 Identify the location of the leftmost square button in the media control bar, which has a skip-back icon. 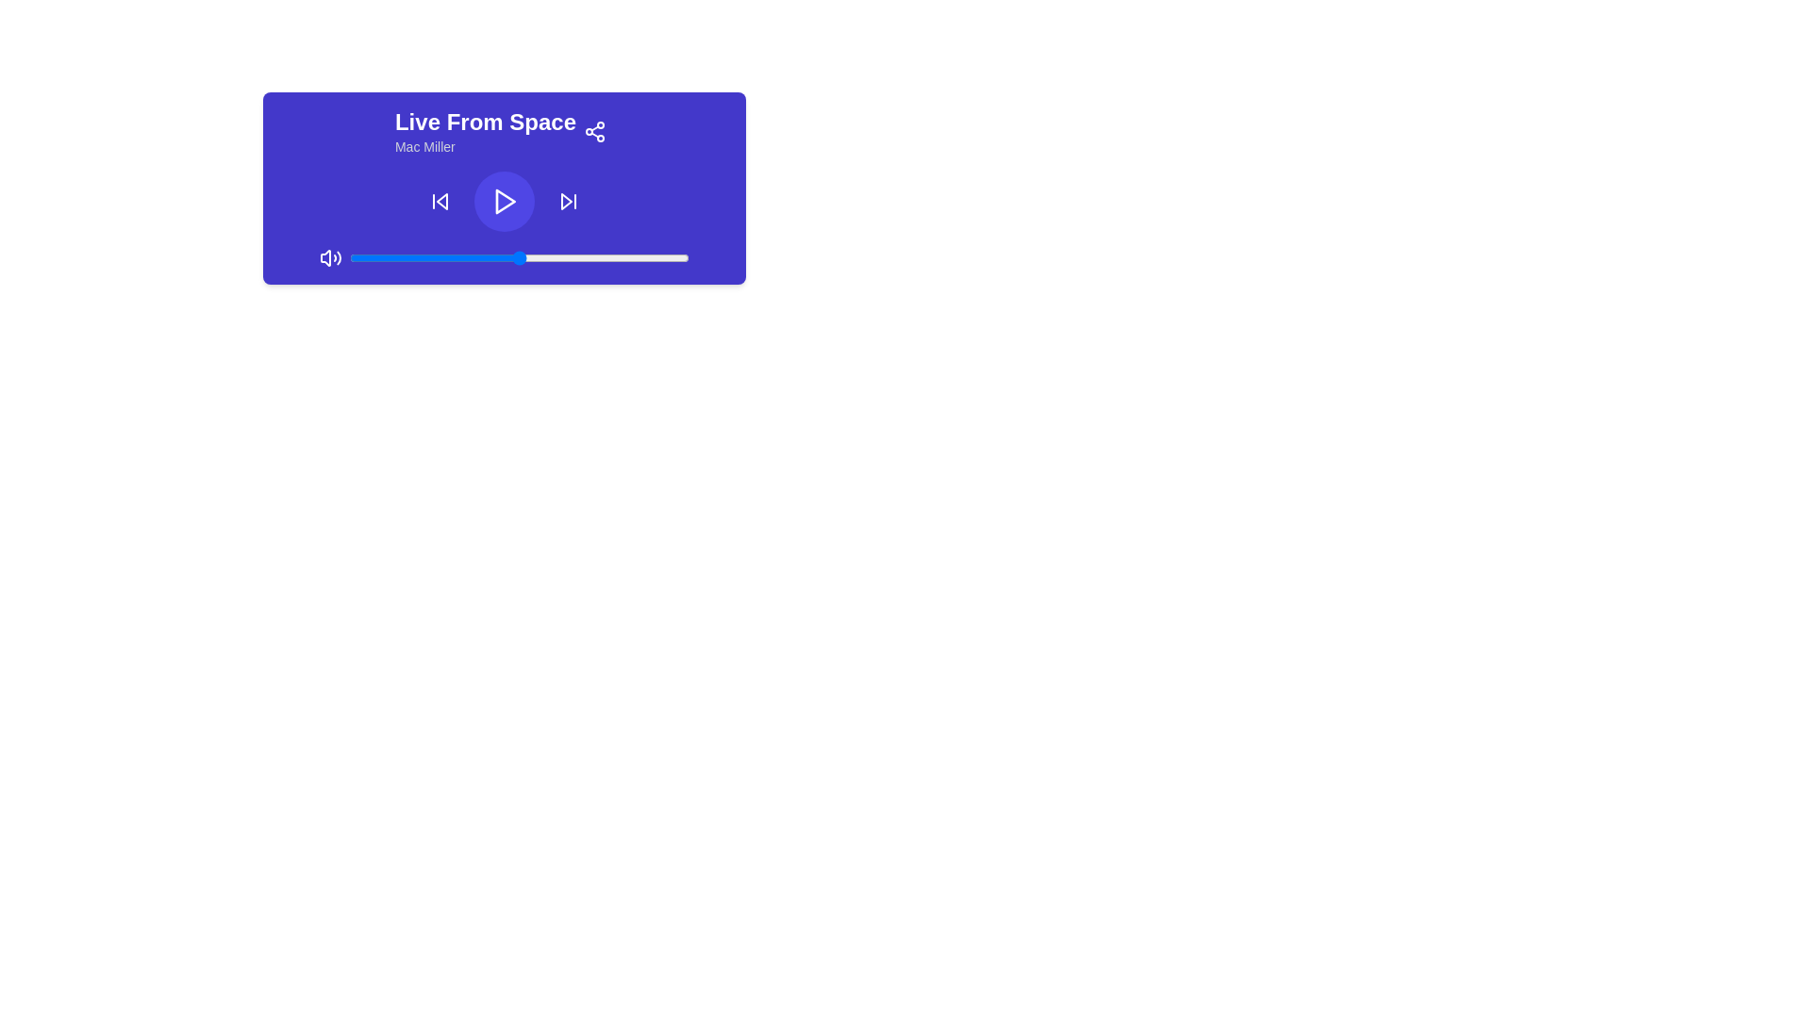
(439, 201).